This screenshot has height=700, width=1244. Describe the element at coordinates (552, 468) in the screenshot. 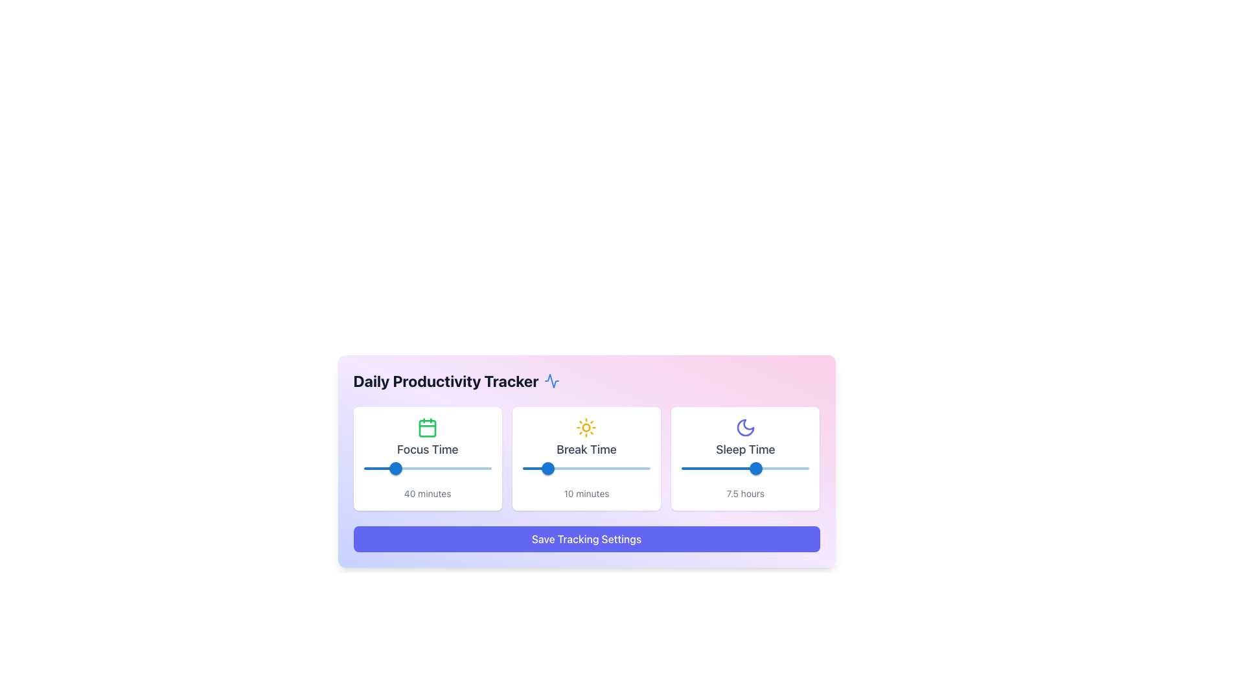

I see `break time` at that location.